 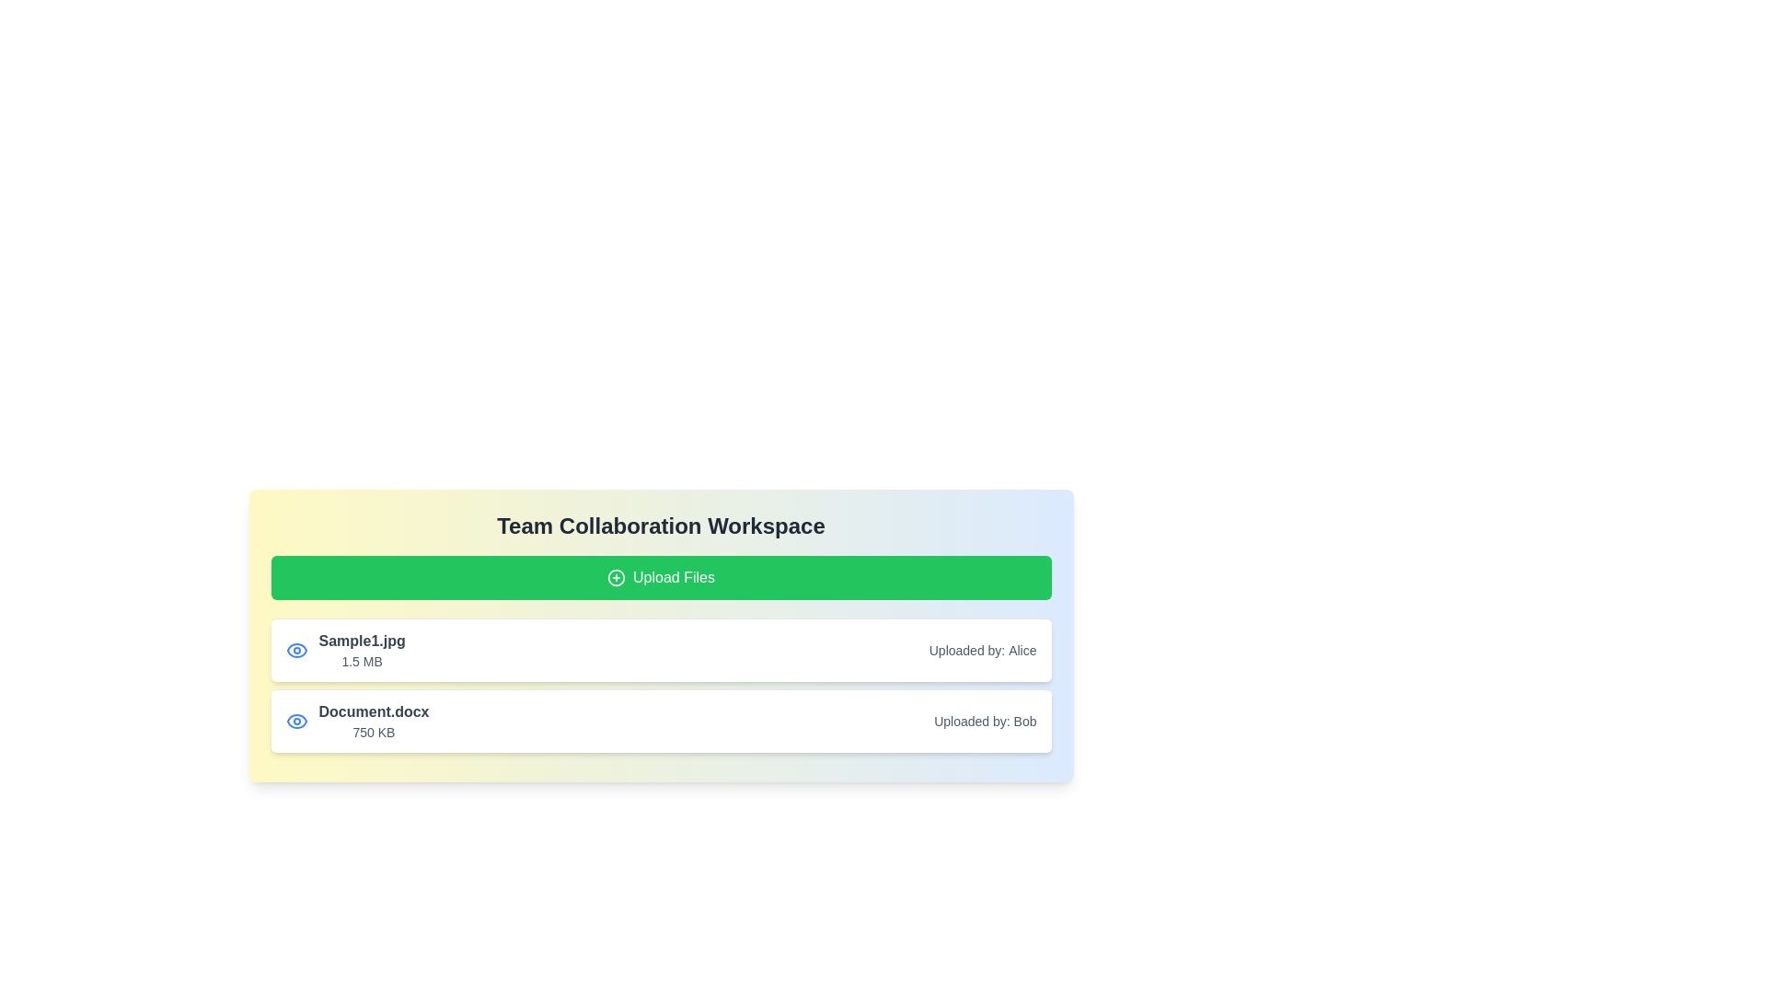 What do you see at coordinates (362, 641) in the screenshot?
I see `the static text label that displays the name or title of a file in the file listing interface, located at the upper left section of the file item details block` at bounding box center [362, 641].